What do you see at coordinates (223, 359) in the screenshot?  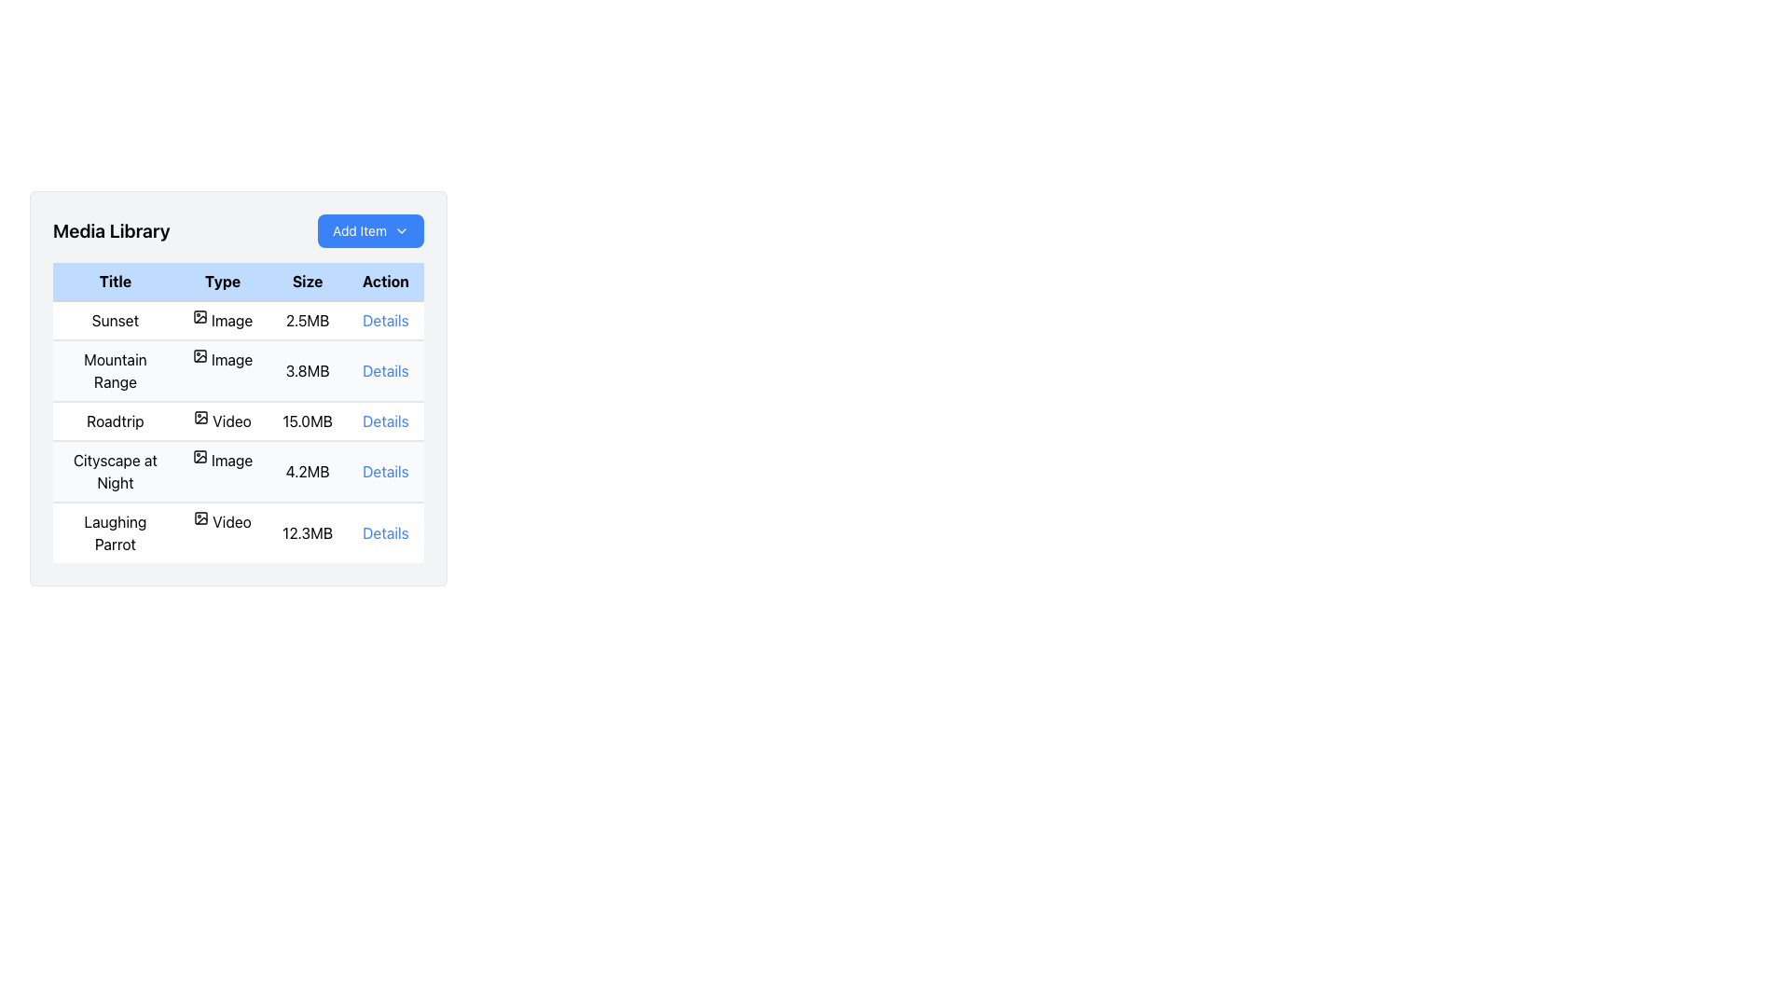 I see `the button-like graphical component displaying an icon and the text 'Image', located in the second row of the media library table under the 'Type' column` at bounding box center [223, 359].